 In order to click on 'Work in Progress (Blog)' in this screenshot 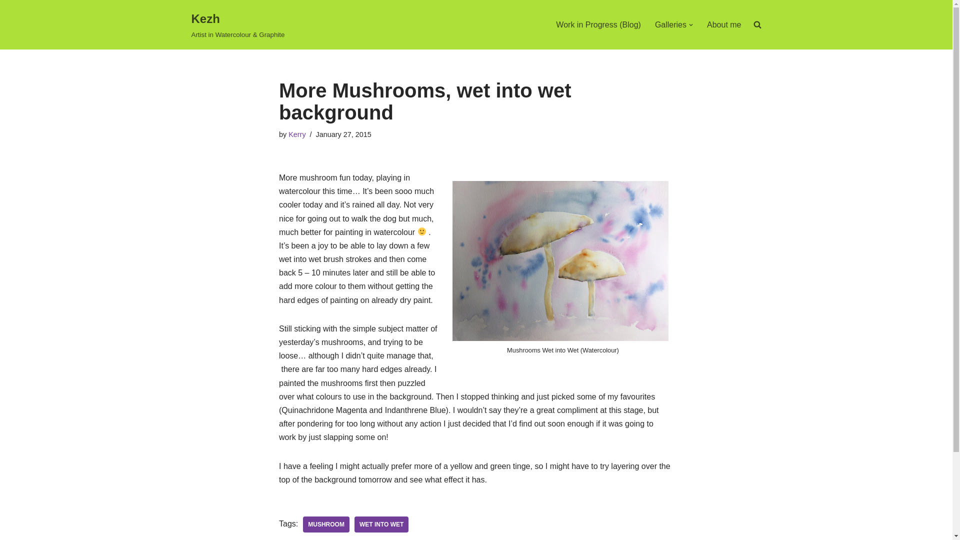, I will do `click(598, 24)`.